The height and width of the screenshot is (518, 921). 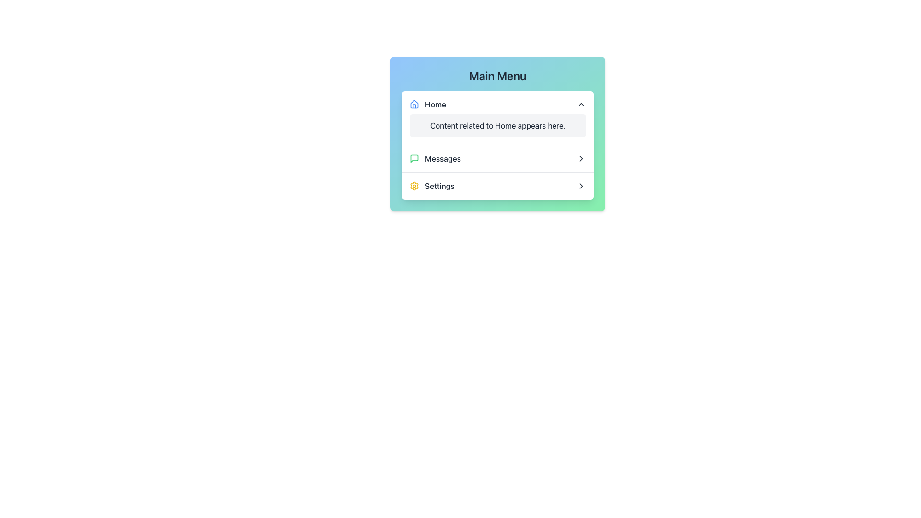 What do you see at coordinates (580, 186) in the screenshot?
I see `the right-pointing arrow icon in the 'Settings' row of the menu interface` at bounding box center [580, 186].